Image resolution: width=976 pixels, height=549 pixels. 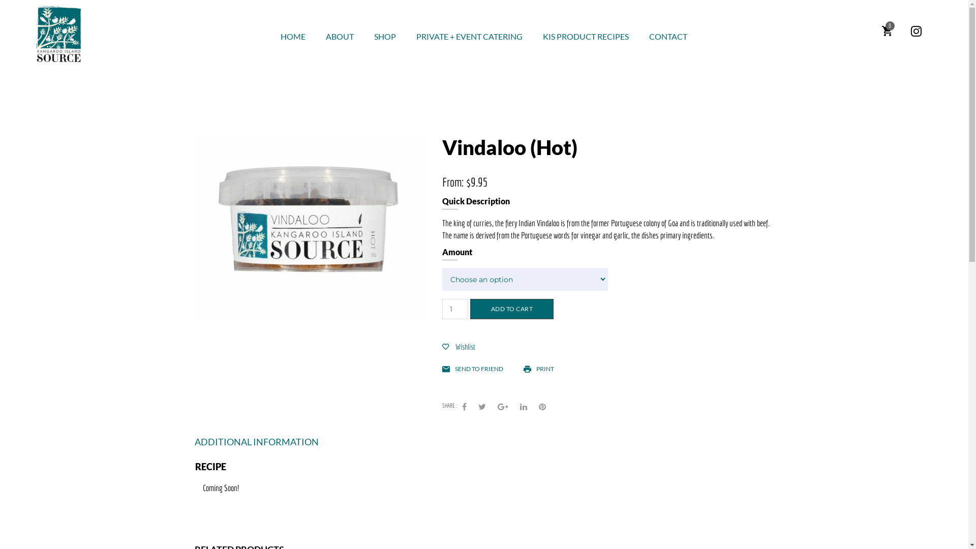 I want to click on 'SHOP', so click(x=373, y=36).